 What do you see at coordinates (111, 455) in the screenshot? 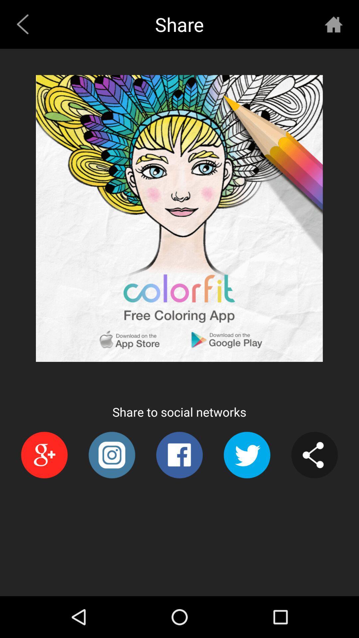
I see `item below share to social item` at bounding box center [111, 455].